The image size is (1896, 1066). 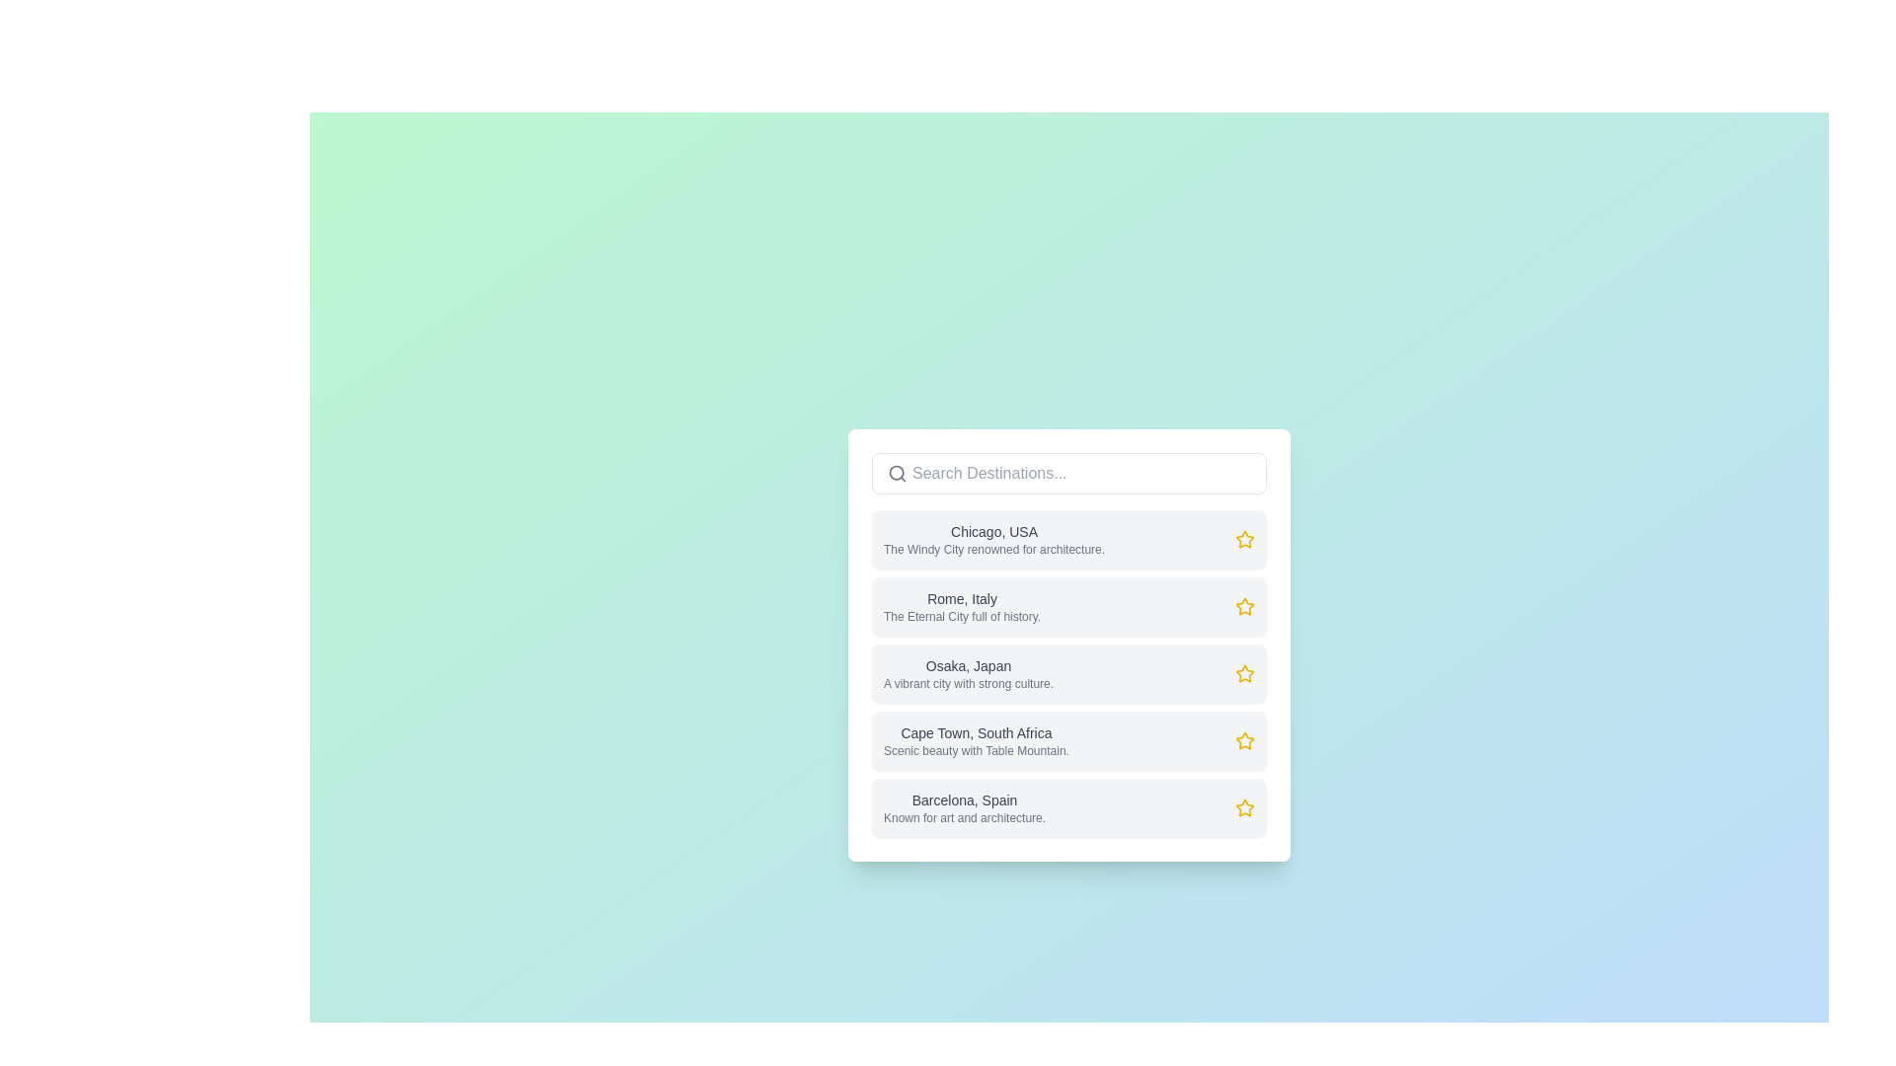 I want to click on the star icon at the end of the list item titled 'Chicago, USA' to favorite the destination, so click(x=1244, y=540).